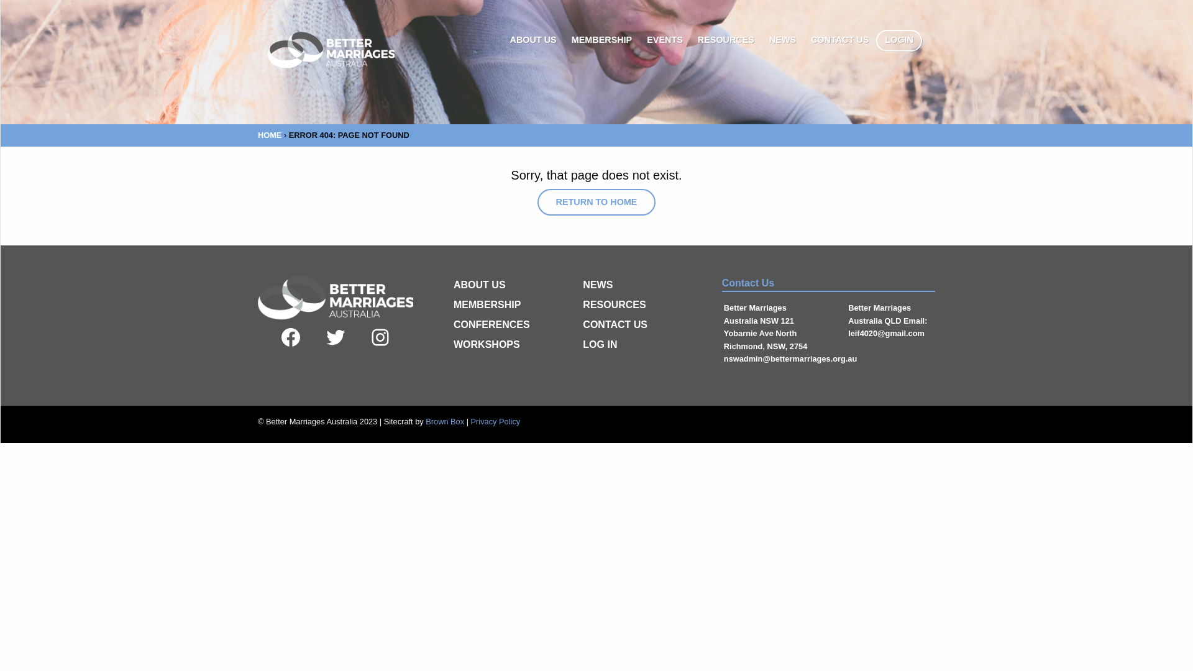 This screenshot has height=671, width=1193. I want to click on 'Instagram', so click(363, 337).